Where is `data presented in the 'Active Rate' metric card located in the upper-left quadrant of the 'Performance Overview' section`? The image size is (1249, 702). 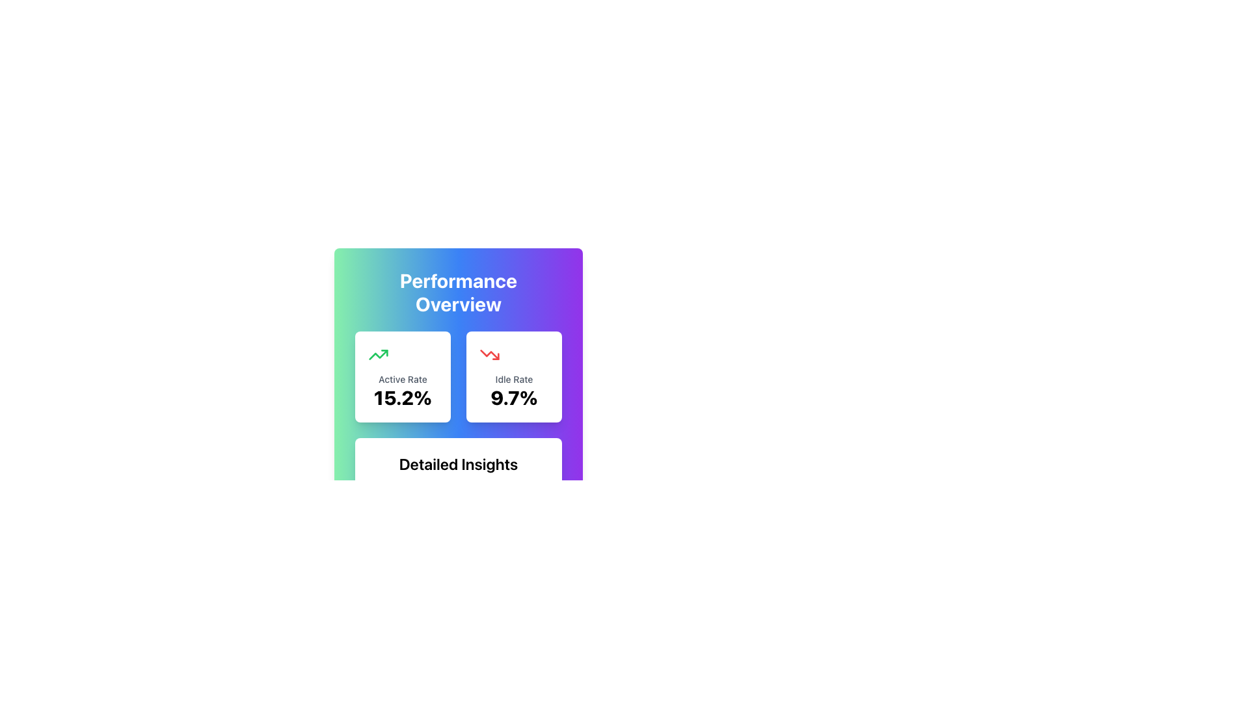 data presented in the 'Active Rate' metric card located in the upper-left quadrant of the 'Performance Overview' section is located at coordinates (402, 376).